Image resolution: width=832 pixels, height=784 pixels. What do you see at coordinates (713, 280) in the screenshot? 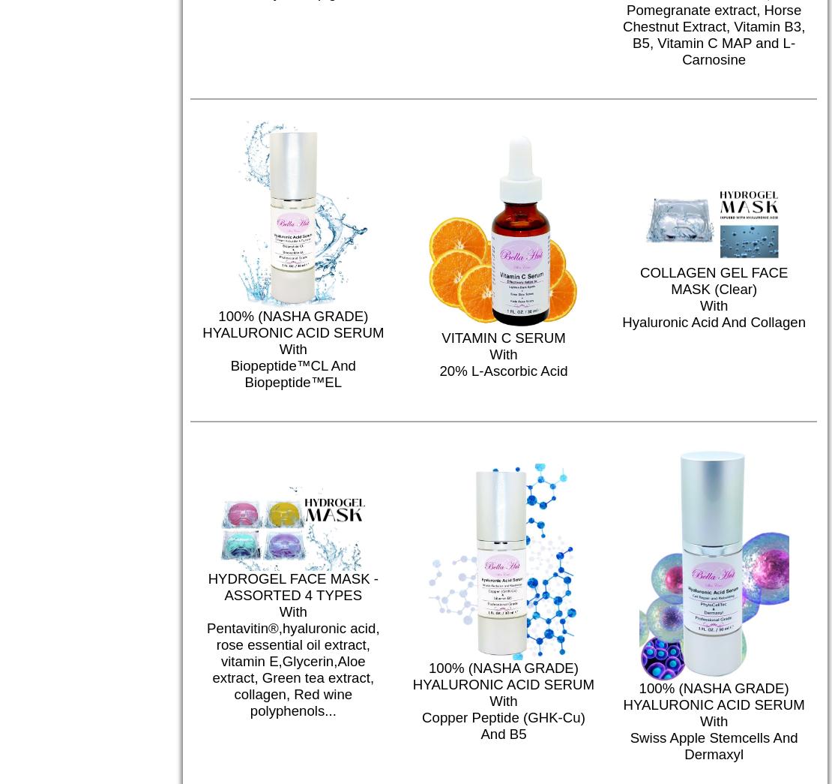
I see `'COLLAGEN GEL FACE MASK (Clear)'` at bounding box center [713, 280].